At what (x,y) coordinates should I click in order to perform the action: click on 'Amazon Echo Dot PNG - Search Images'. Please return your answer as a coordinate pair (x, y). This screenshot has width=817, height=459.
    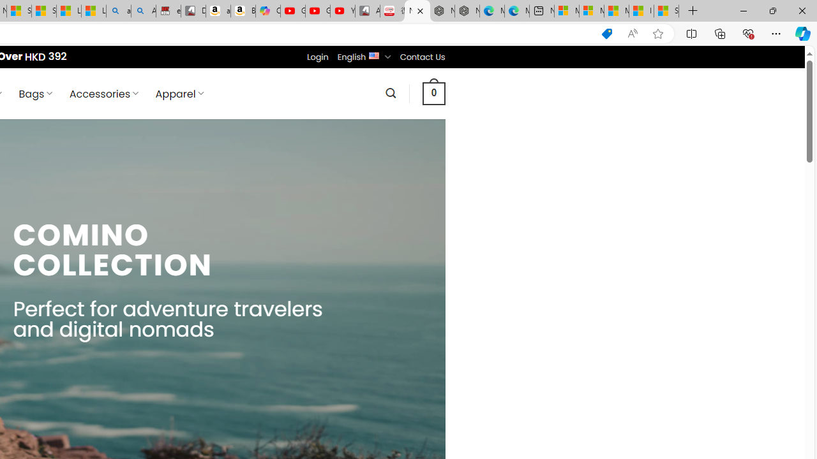
    Looking at the image, I should click on (144, 11).